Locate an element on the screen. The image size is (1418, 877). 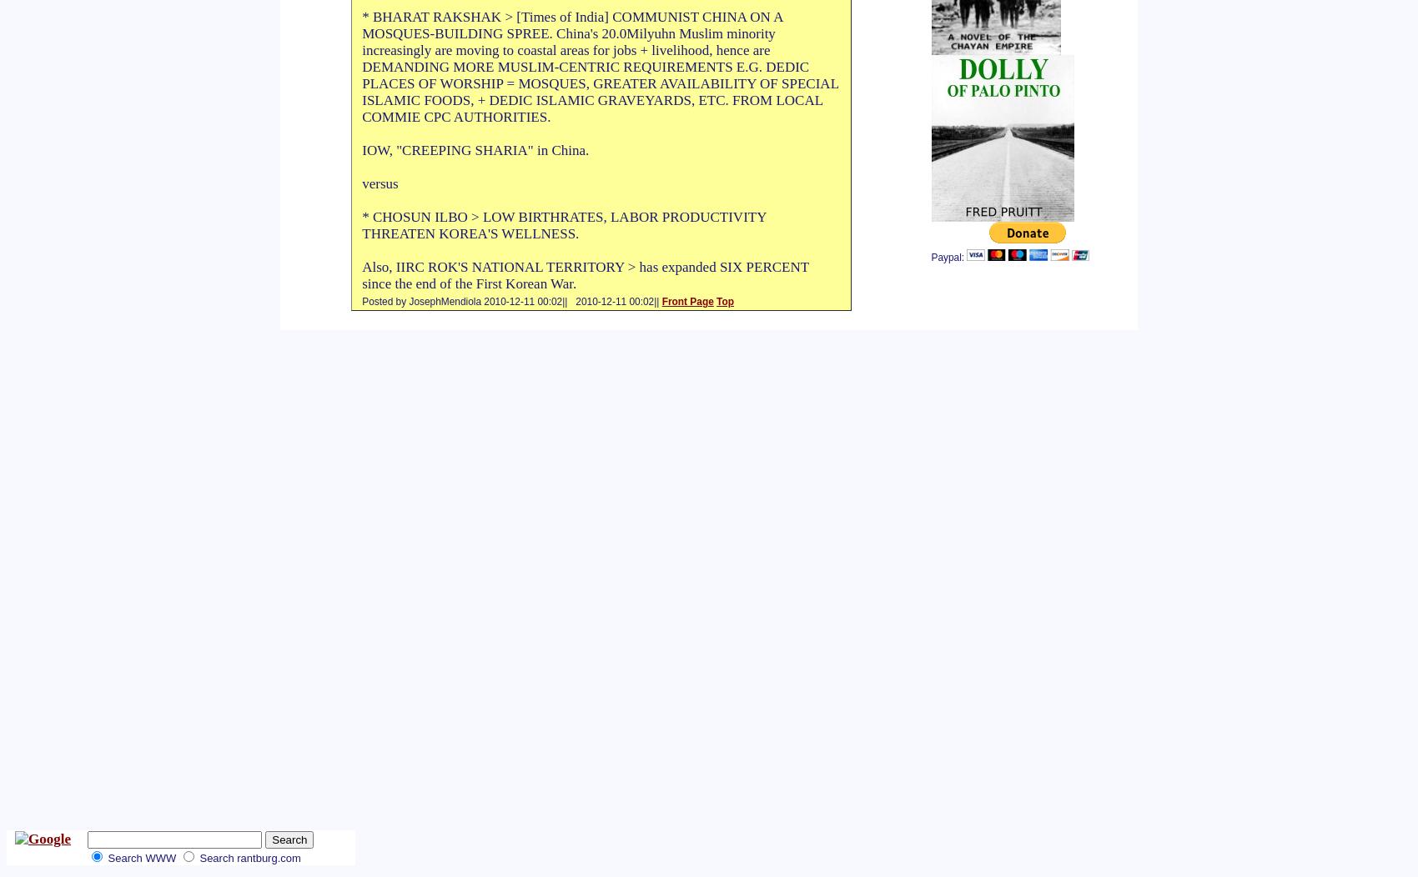
'Top' is located at coordinates (725, 301).